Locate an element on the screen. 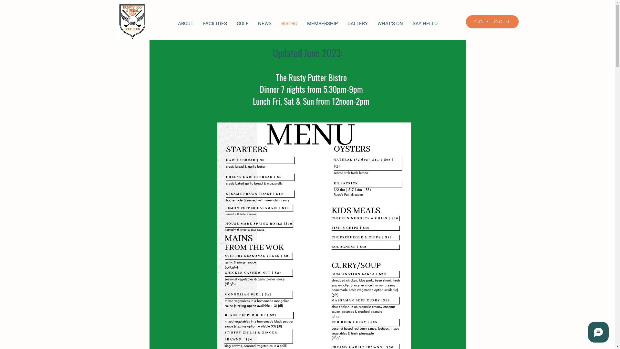 The width and height of the screenshot is (620, 349). 'FACILITIES' is located at coordinates (215, 23).